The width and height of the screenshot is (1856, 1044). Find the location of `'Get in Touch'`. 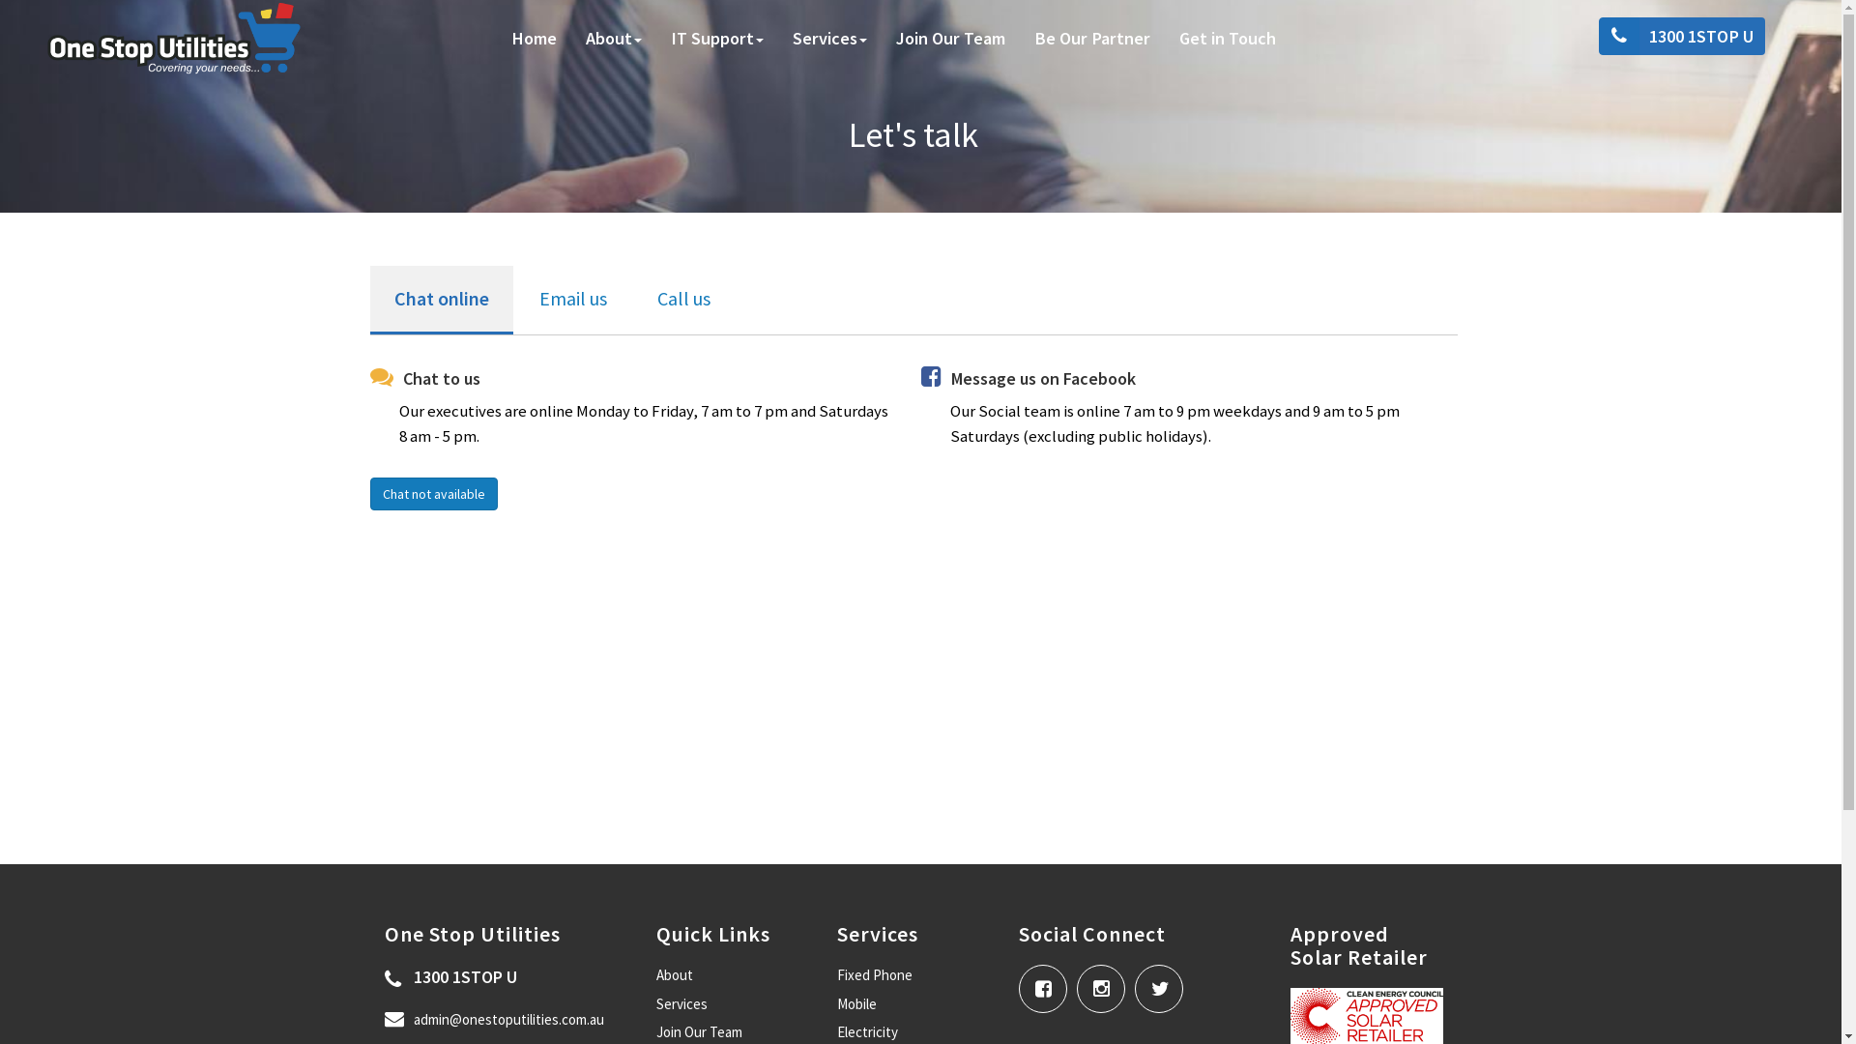

'Get in Touch' is located at coordinates (1227, 38).